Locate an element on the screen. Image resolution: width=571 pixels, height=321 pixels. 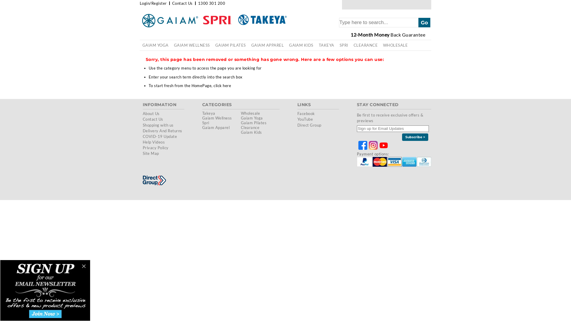
'About Us' is located at coordinates (151, 113).